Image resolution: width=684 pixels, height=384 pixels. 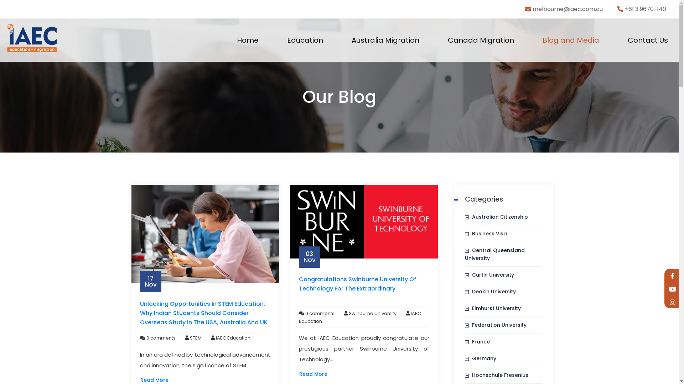 What do you see at coordinates (465, 341) in the screenshot?
I see `'France'` at bounding box center [465, 341].